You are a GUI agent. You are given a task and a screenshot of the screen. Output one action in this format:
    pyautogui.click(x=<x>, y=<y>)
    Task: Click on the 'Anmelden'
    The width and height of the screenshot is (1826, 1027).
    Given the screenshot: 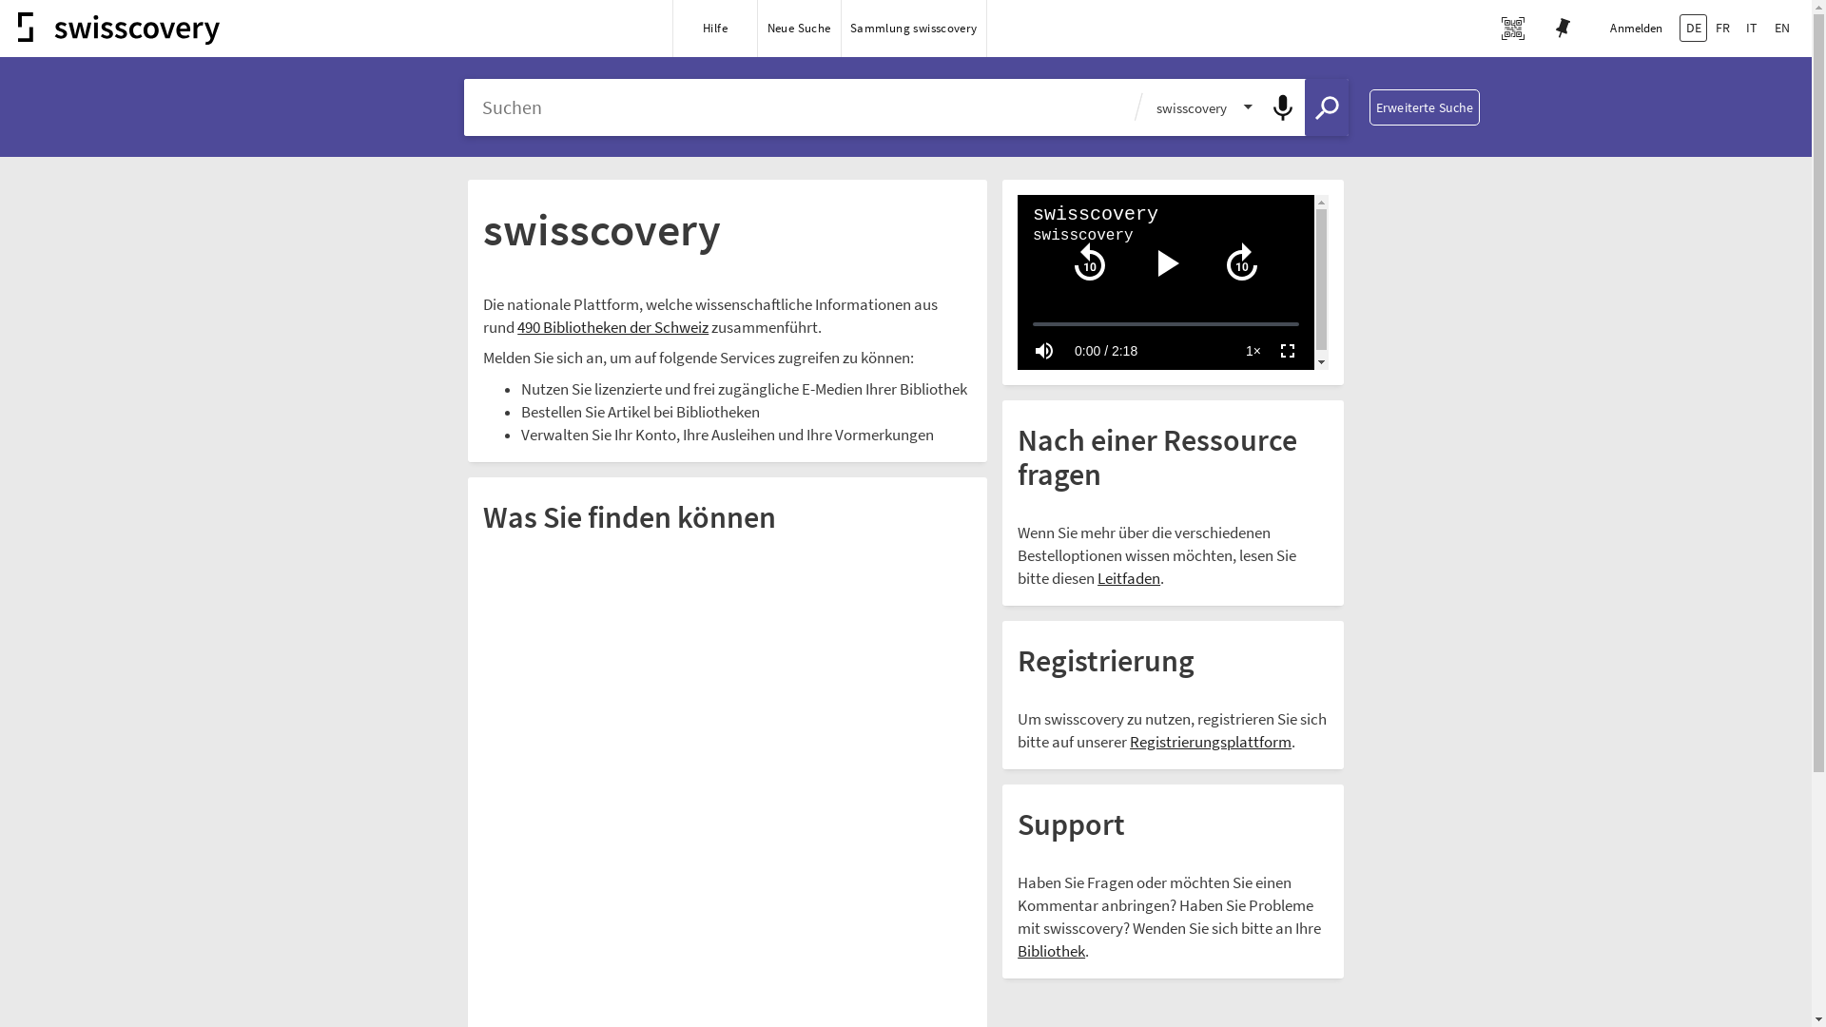 What is the action you would take?
    pyautogui.click(x=1594, y=29)
    